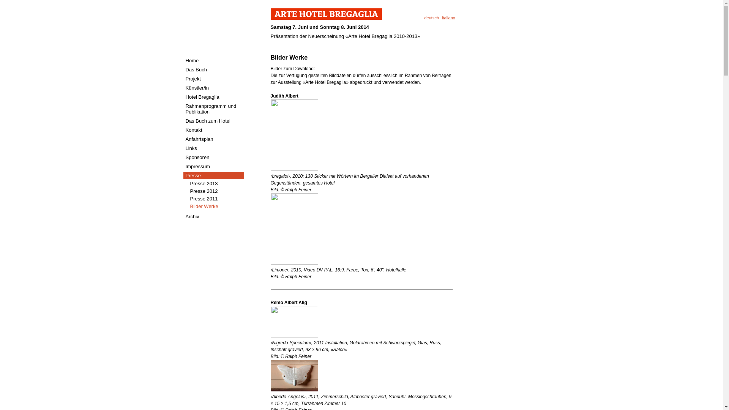  Describe the element at coordinates (183, 79) in the screenshot. I see `'Projekt'` at that location.